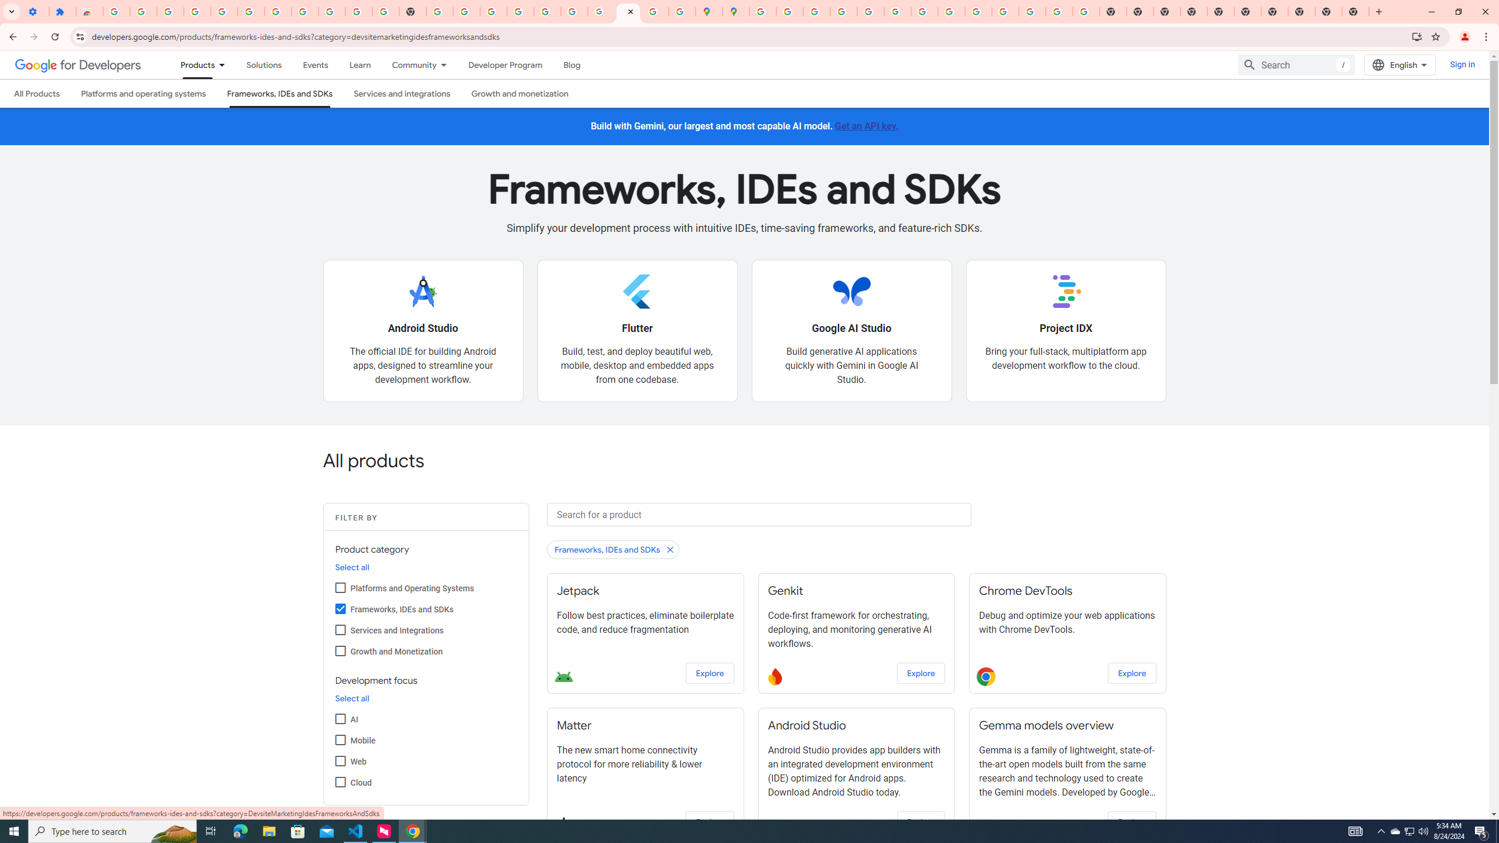 This screenshot has height=843, width=1499. What do you see at coordinates (402, 92) in the screenshot?
I see `'Services and integrations'` at bounding box center [402, 92].